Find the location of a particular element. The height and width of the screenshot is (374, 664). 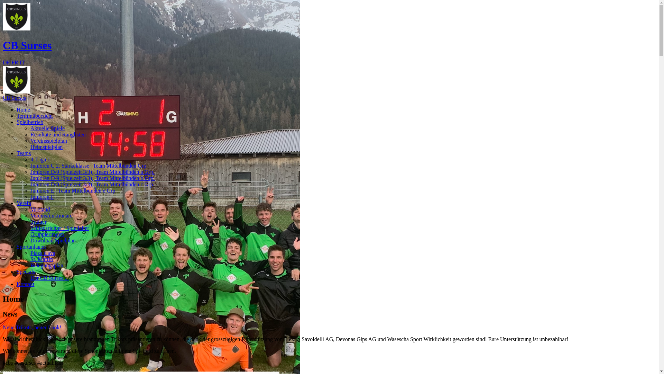

'4. Liga 1' is located at coordinates (40, 159).